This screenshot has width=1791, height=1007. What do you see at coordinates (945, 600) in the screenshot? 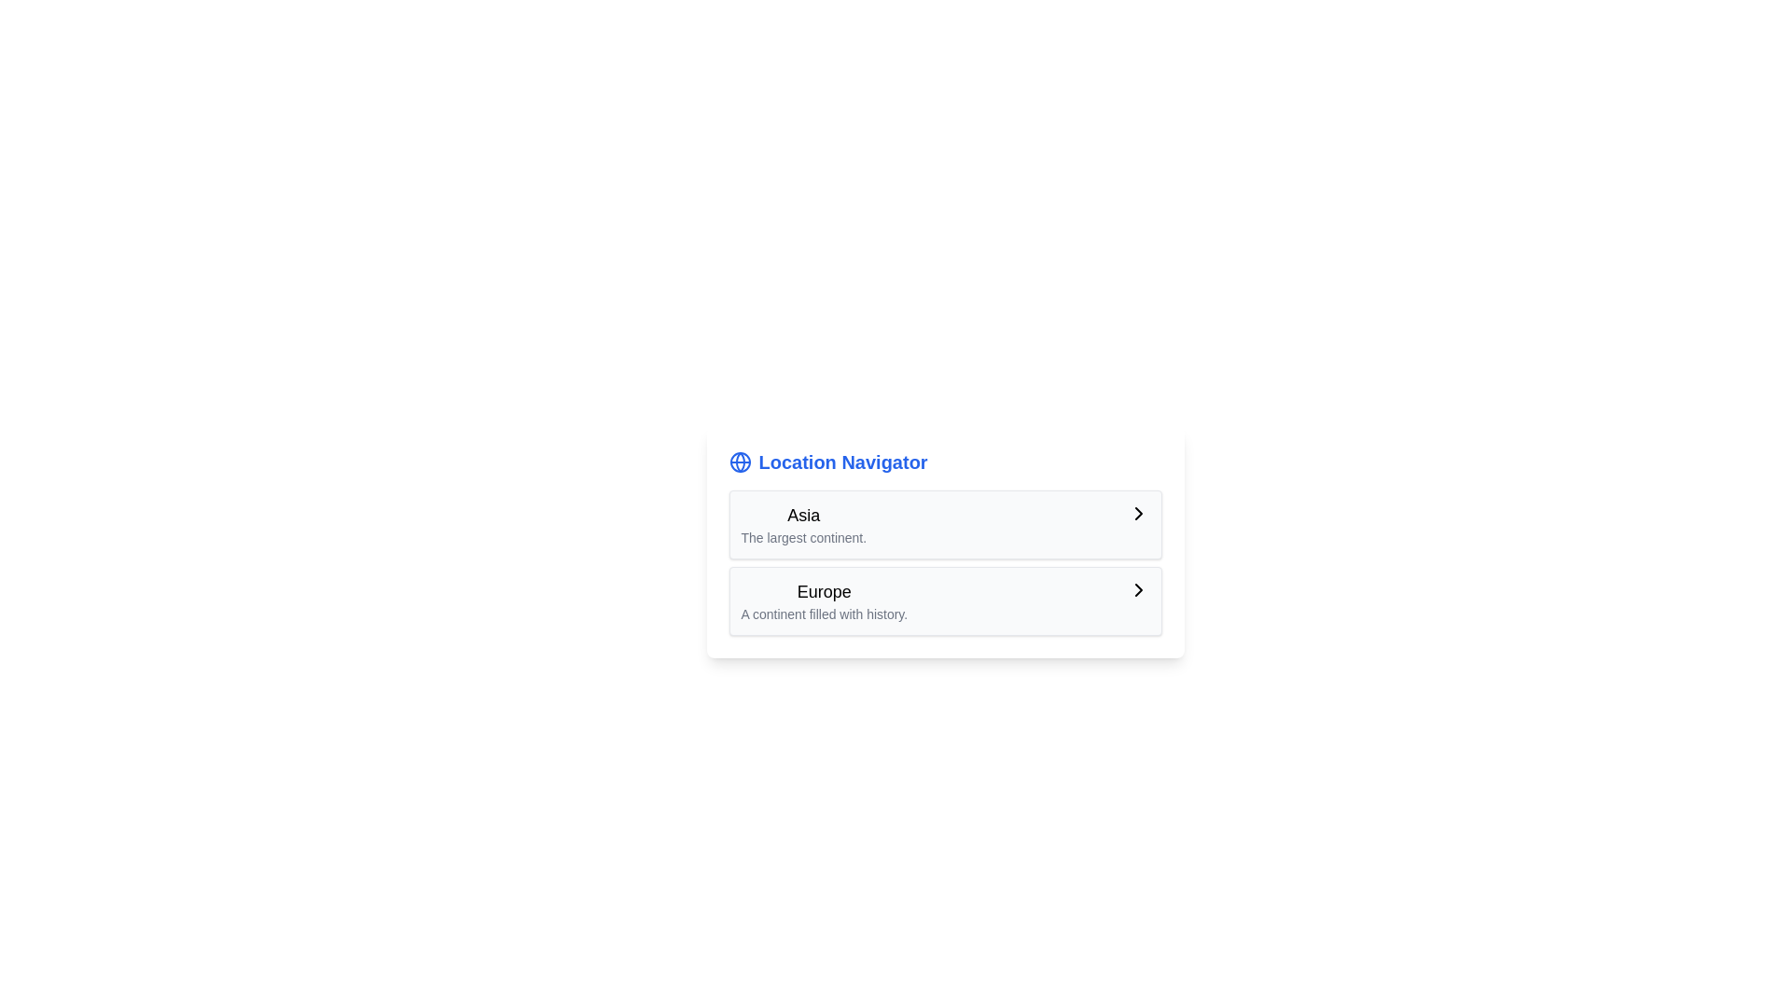
I see `the 'Europe' button located under the 'Location Navigator' section` at bounding box center [945, 600].